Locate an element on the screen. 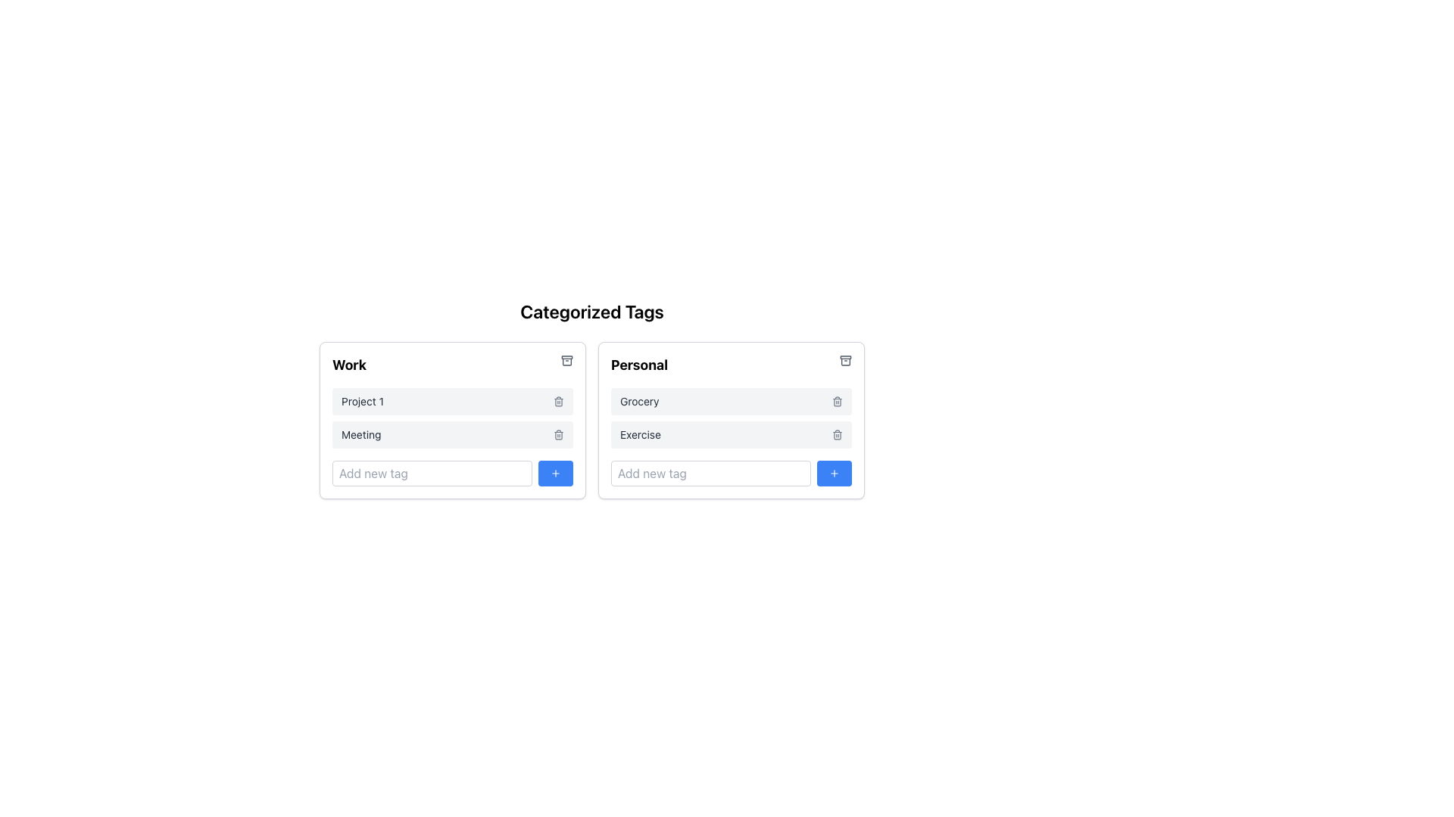 This screenshot has width=1454, height=817. the Text label under the 'Work' category, which indicates a tag or item name, positioned to the left of a trash icon within the 'Work' box is located at coordinates (360, 434).